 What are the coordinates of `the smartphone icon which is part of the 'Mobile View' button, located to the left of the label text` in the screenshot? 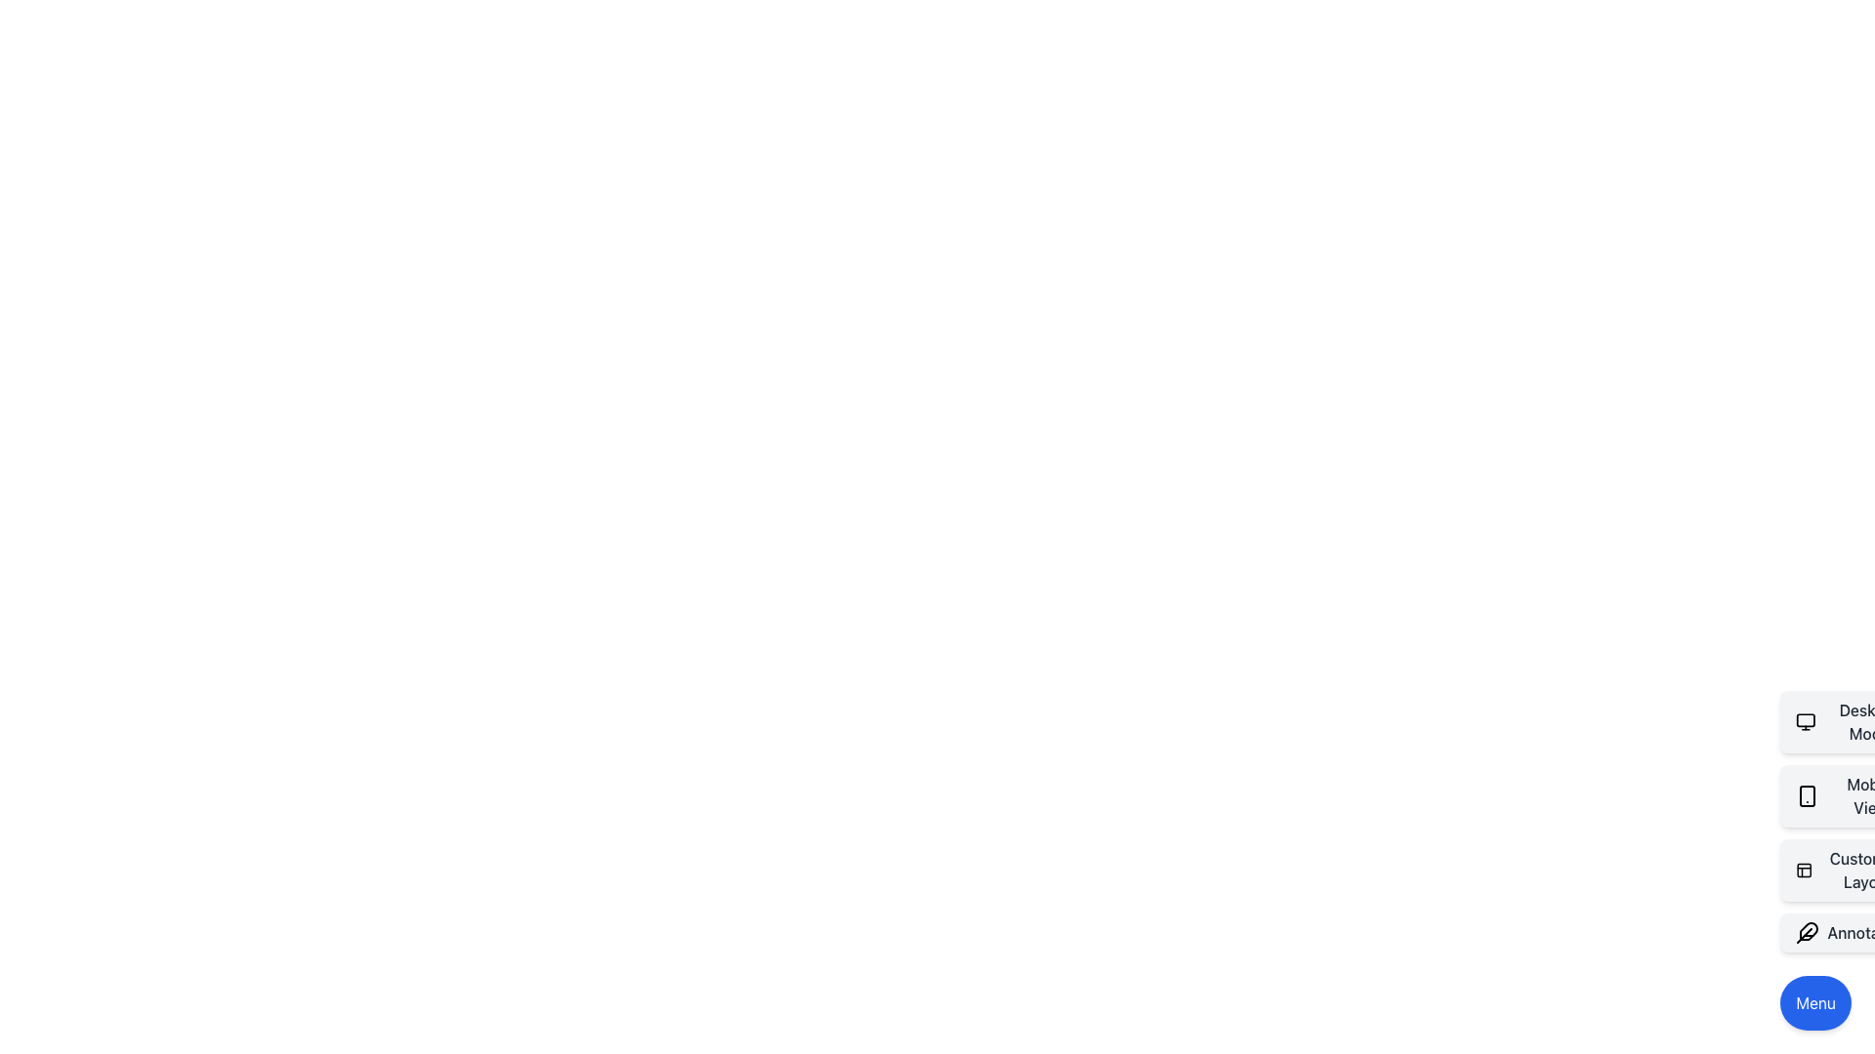 It's located at (1807, 796).